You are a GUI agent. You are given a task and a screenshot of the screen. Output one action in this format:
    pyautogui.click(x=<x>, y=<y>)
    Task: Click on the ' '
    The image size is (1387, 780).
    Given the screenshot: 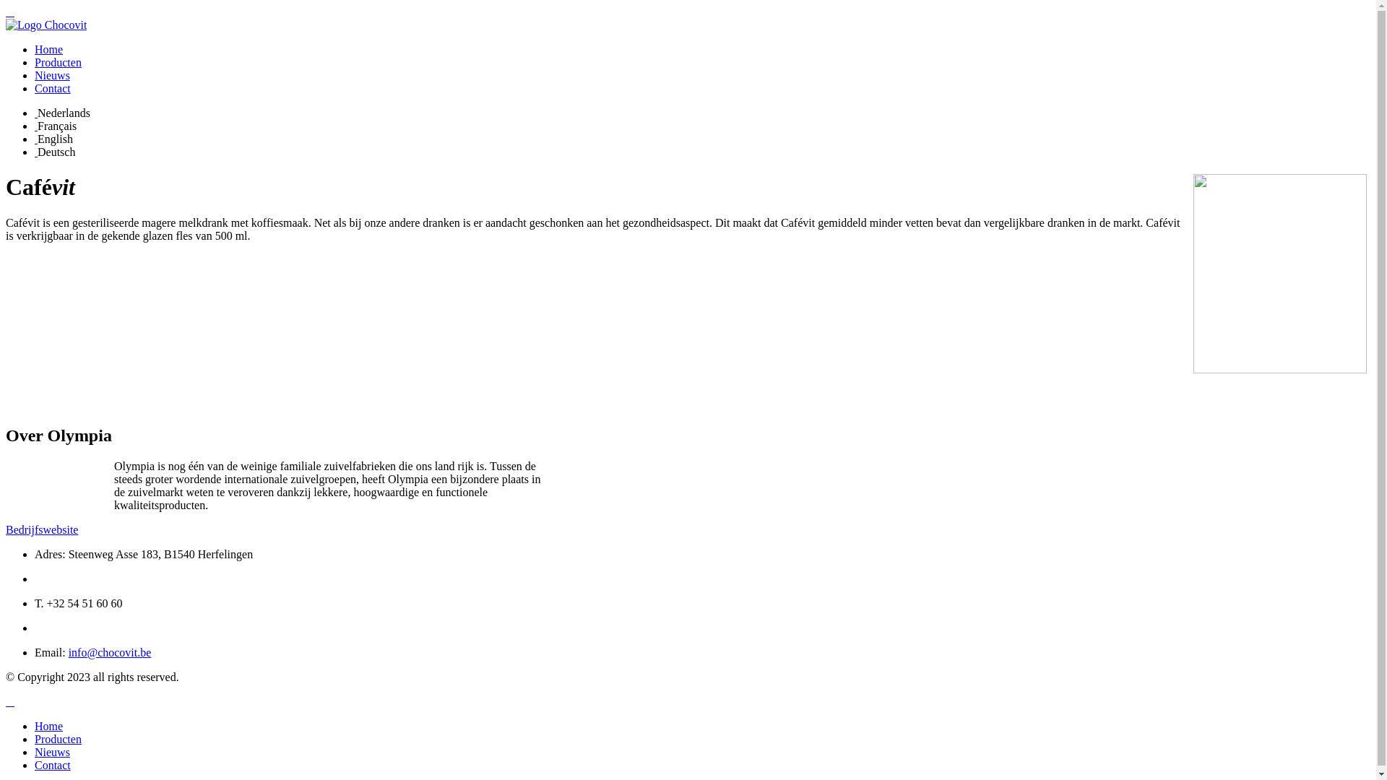 What is the action you would take?
    pyautogui.click(x=35, y=139)
    